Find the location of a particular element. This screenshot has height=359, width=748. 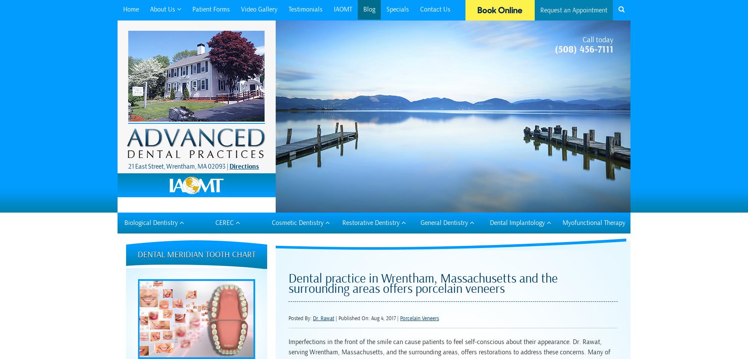

'Restorative Dentistry' is located at coordinates (341, 222).